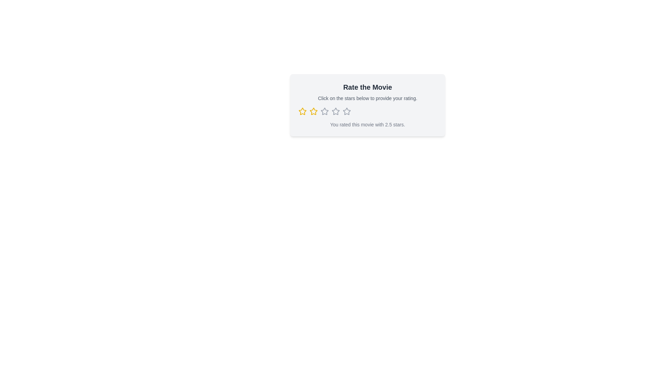 This screenshot has height=374, width=664. I want to click on the third star in the horizontal sequence of five stars to provide a rating of three stars in the interactive rating system, so click(347, 111).